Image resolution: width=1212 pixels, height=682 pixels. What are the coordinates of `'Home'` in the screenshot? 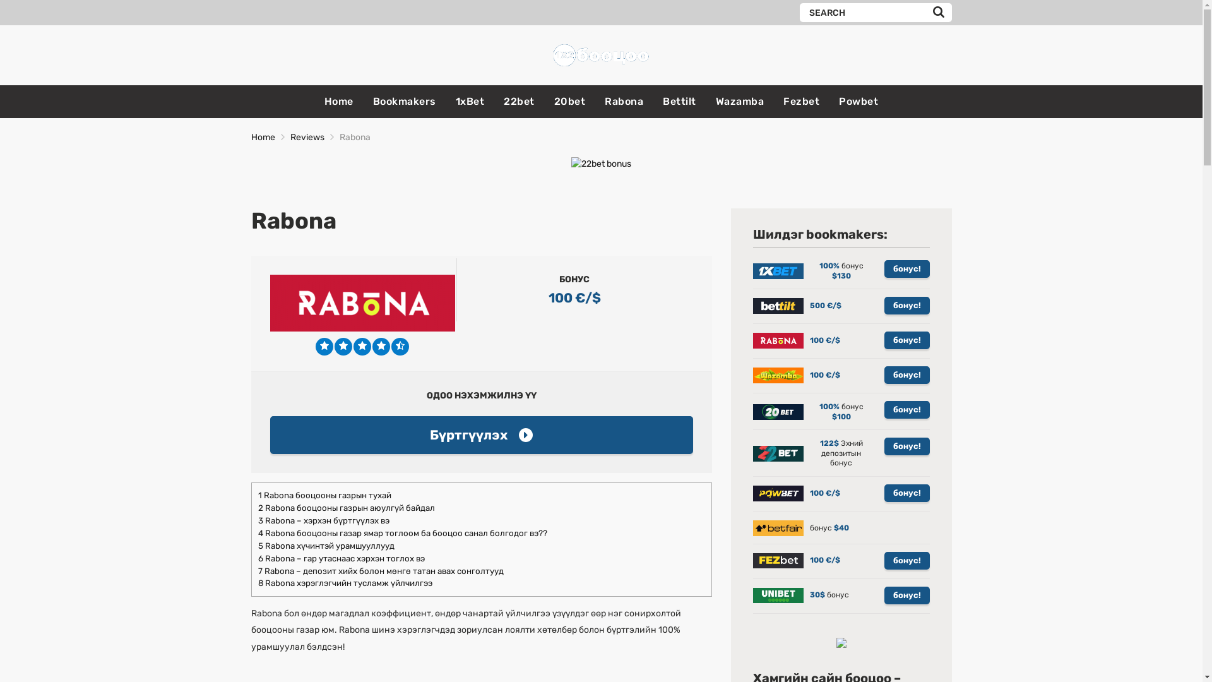 It's located at (339, 101).